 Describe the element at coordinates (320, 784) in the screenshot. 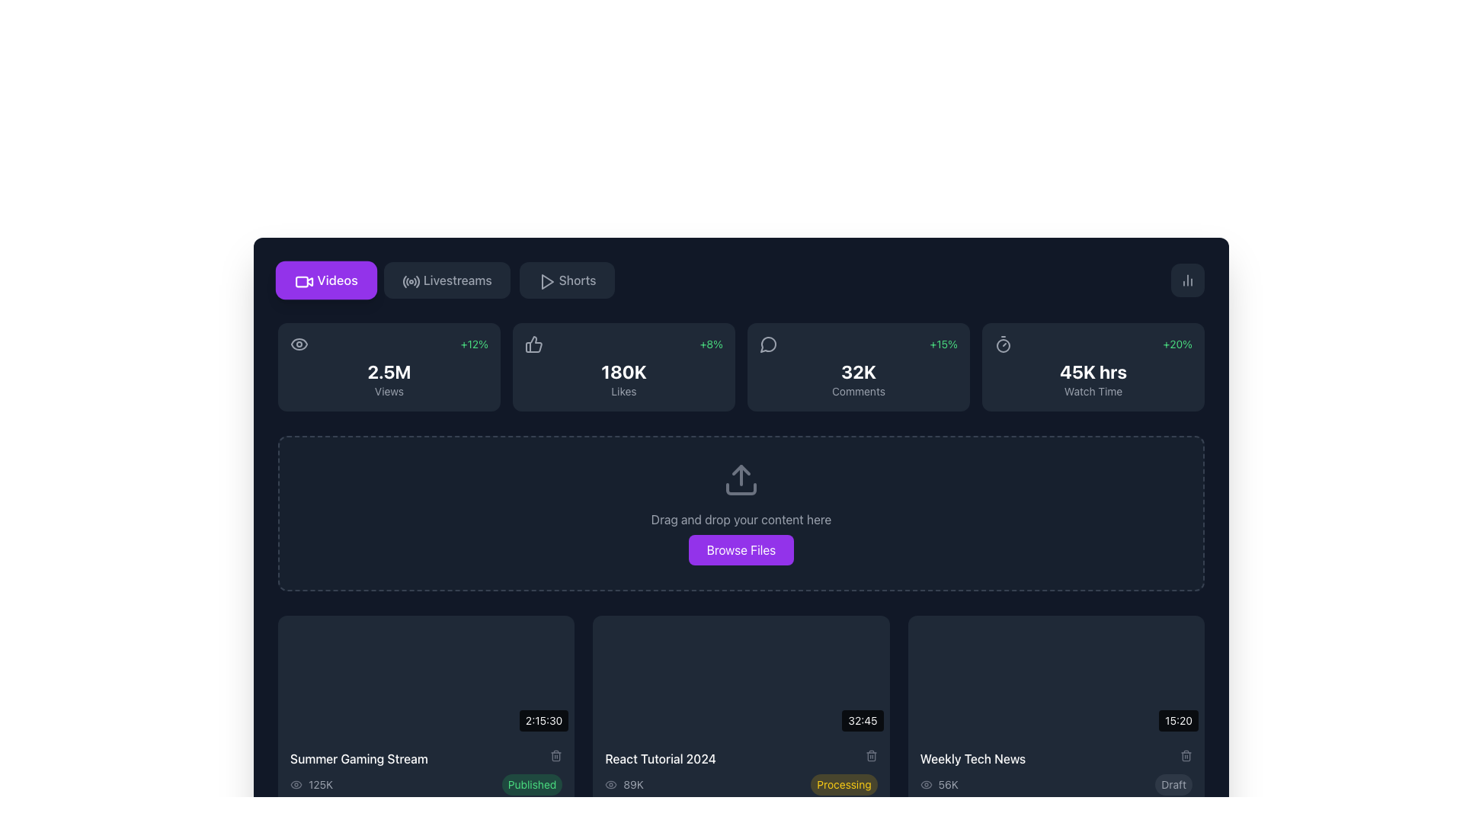

I see `the text label displaying a numerical value in the bottom-left corner of the card, positioned to the right of the eye icon` at that location.